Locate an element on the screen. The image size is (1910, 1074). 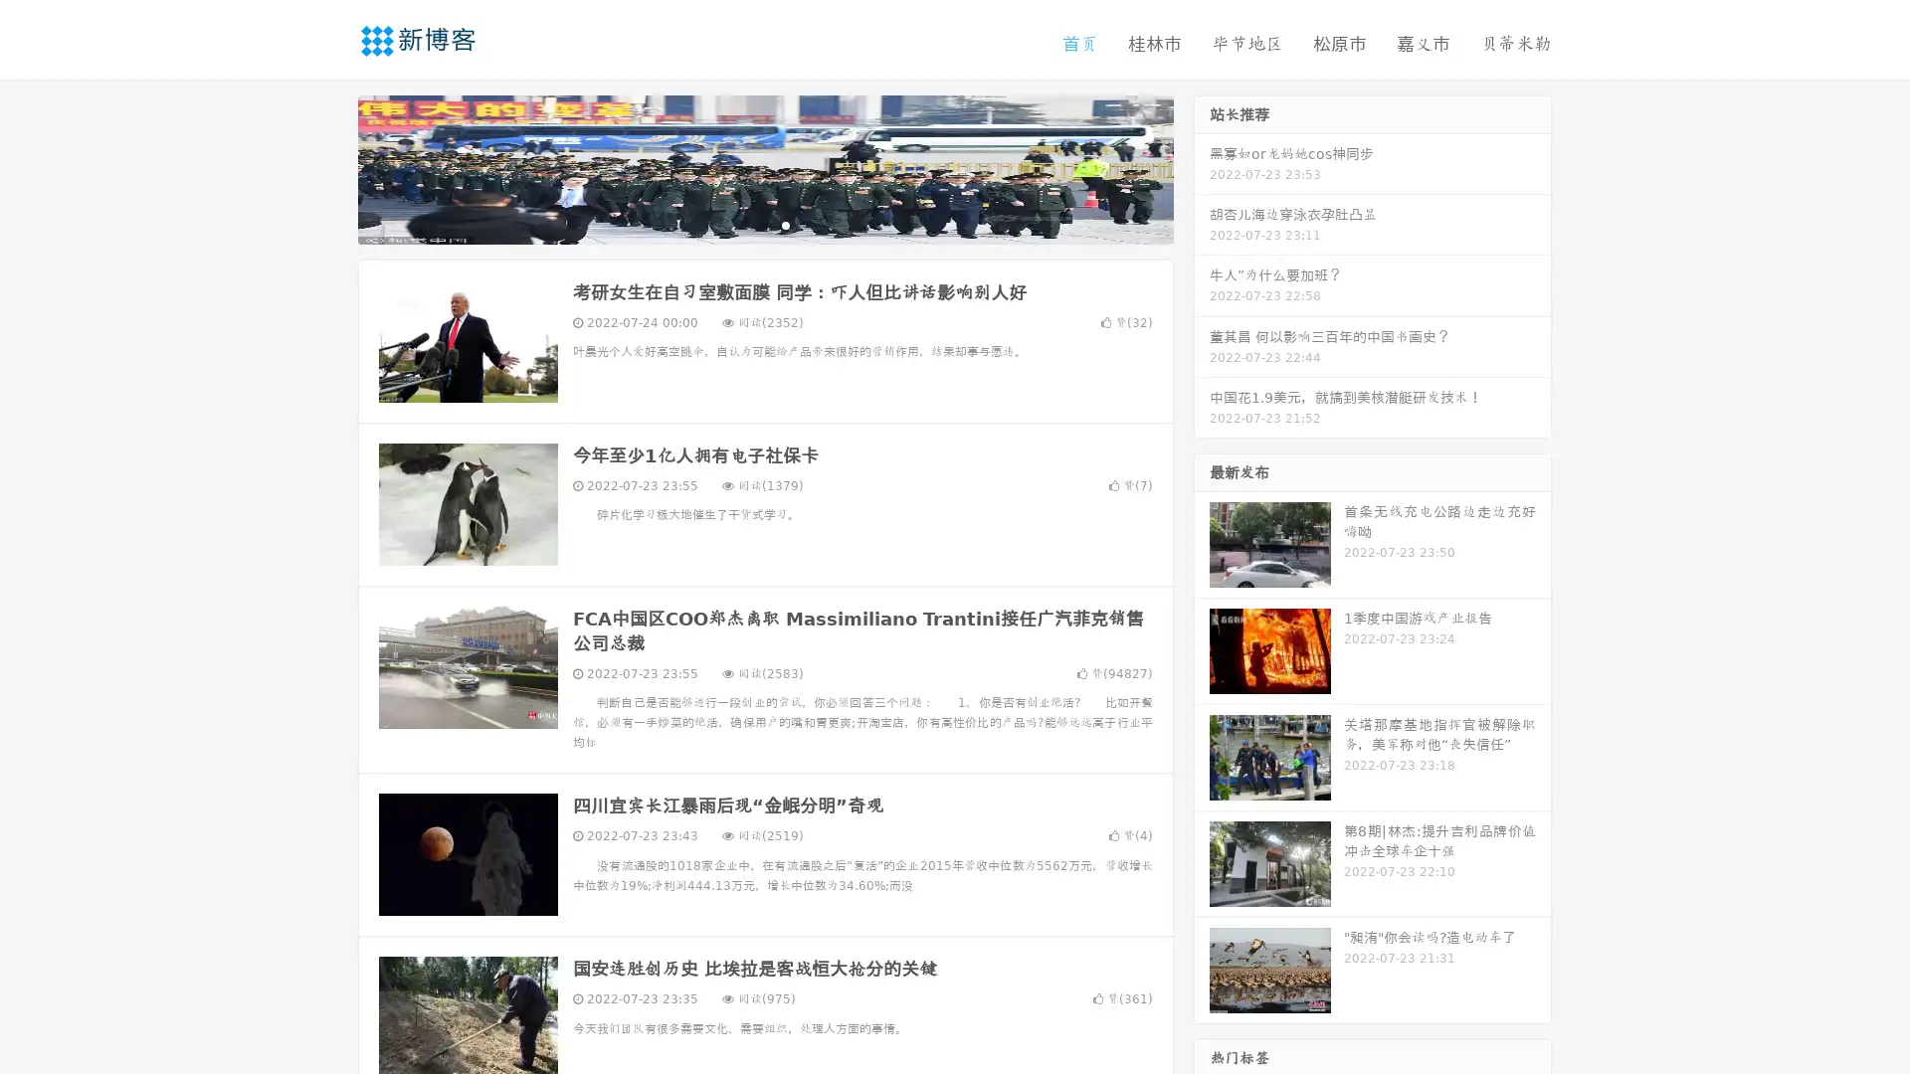
Go to slide 2 is located at coordinates (764, 224).